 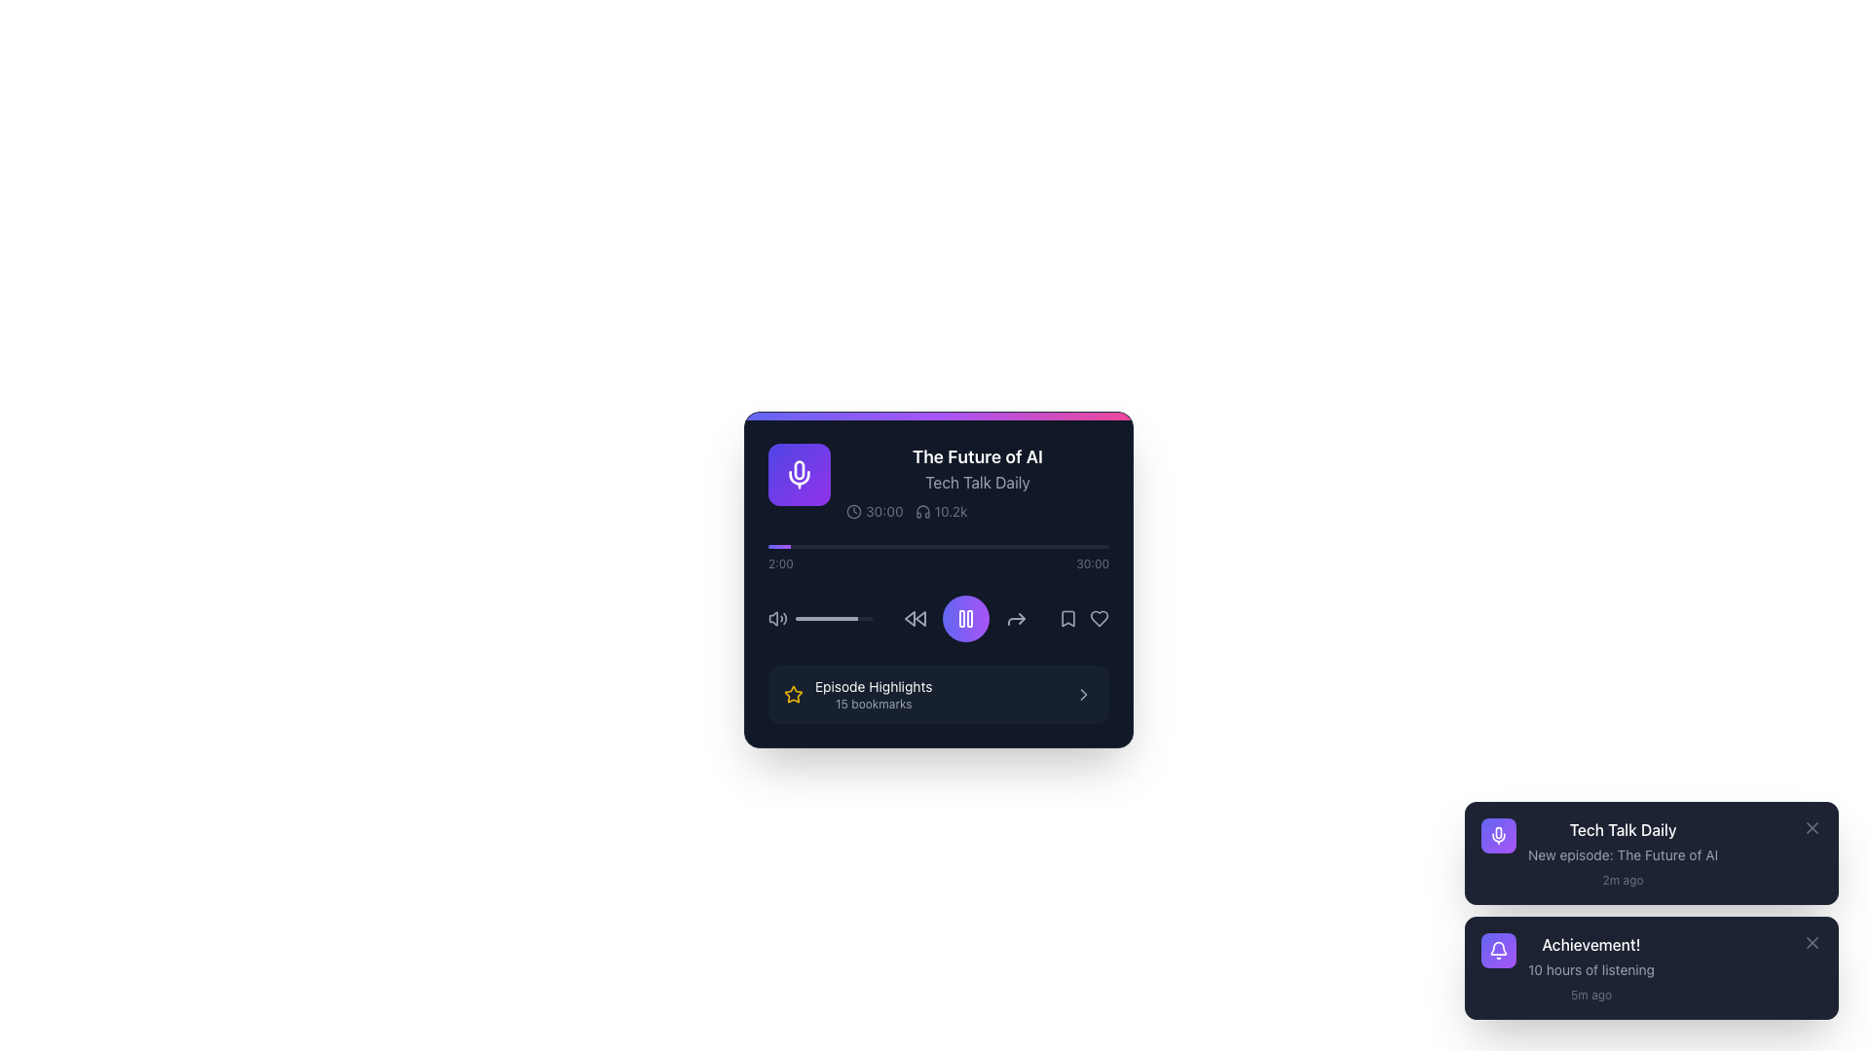 I want to click on the volume, so click(x=804, y=619).